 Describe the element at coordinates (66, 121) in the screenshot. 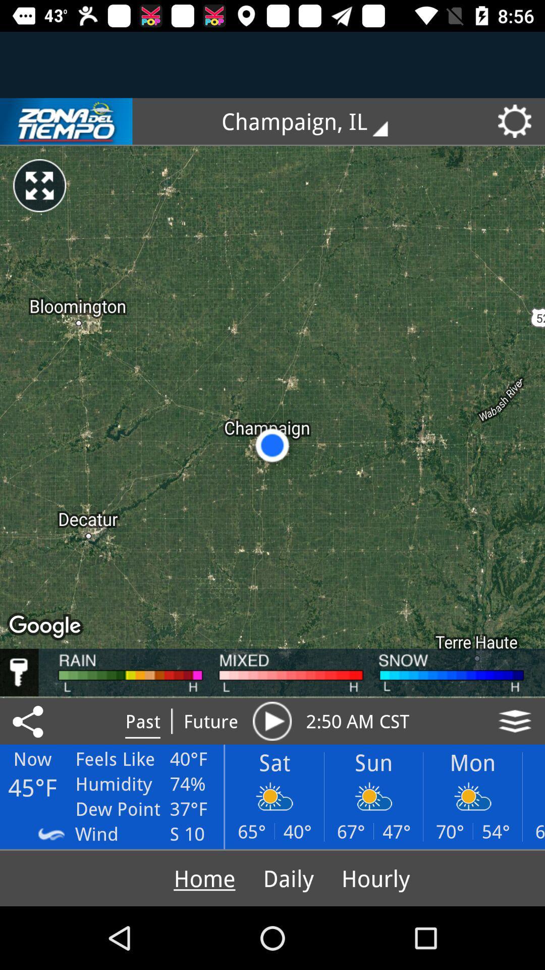

I see `the date_range icon` at that location.